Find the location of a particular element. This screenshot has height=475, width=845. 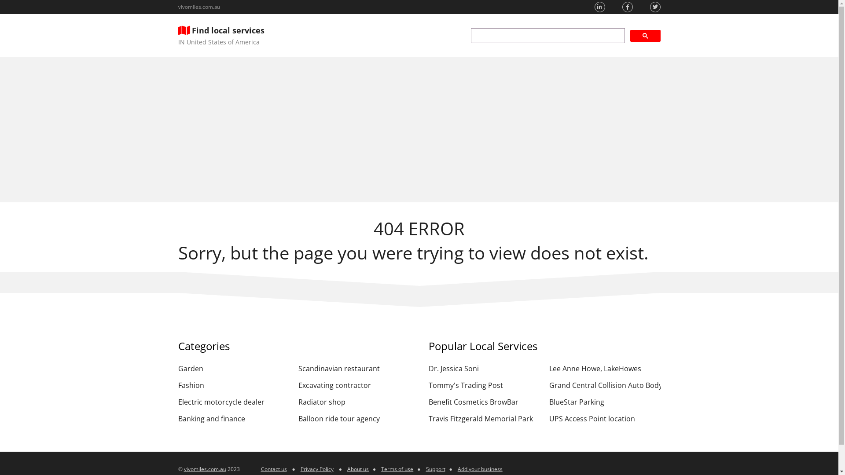

'Travis Fitzgerald Memorial Park' is located at coordinates (484, 418).